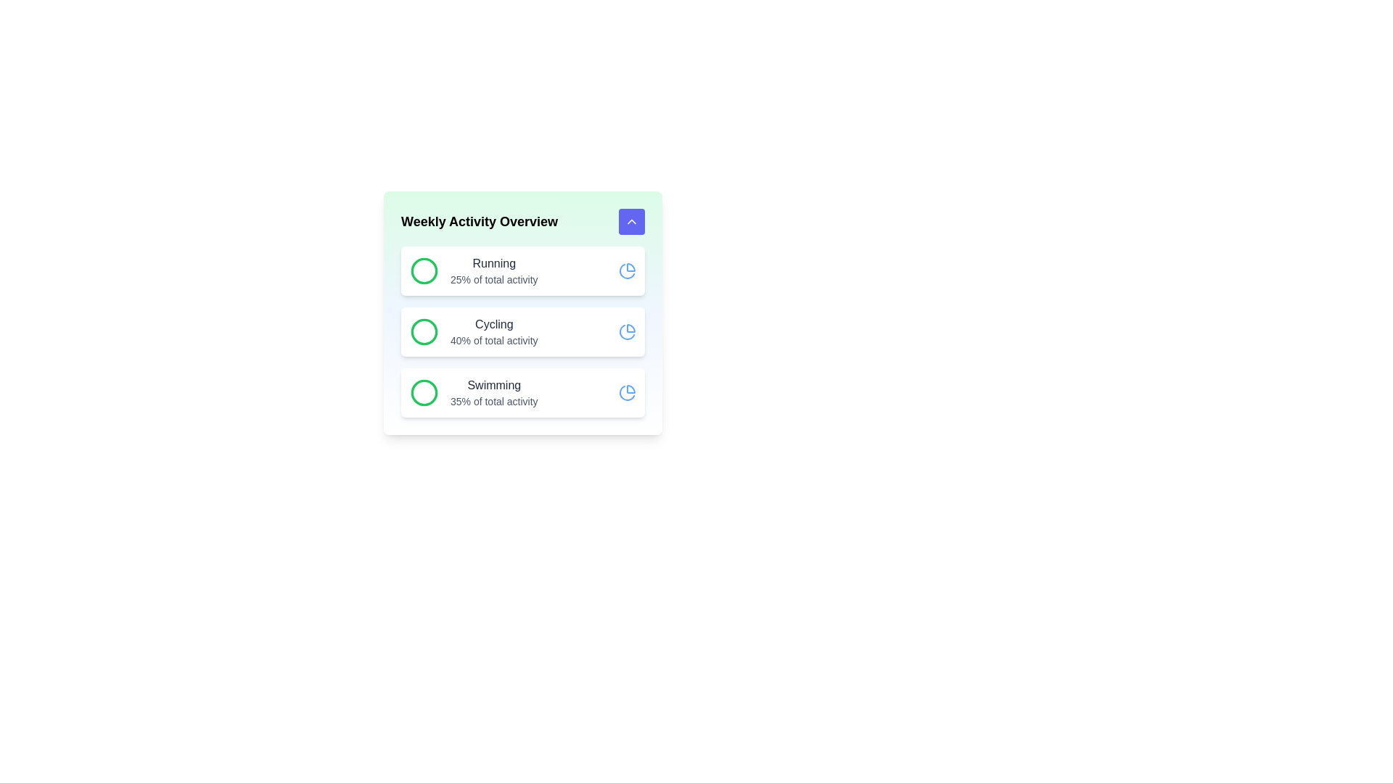 The image size is (1393, 783). I want to click on the 'Running' activity icon located within the 'Weekly Activity Overview' card, which is the first element in a vertical list, so click(424, 271).